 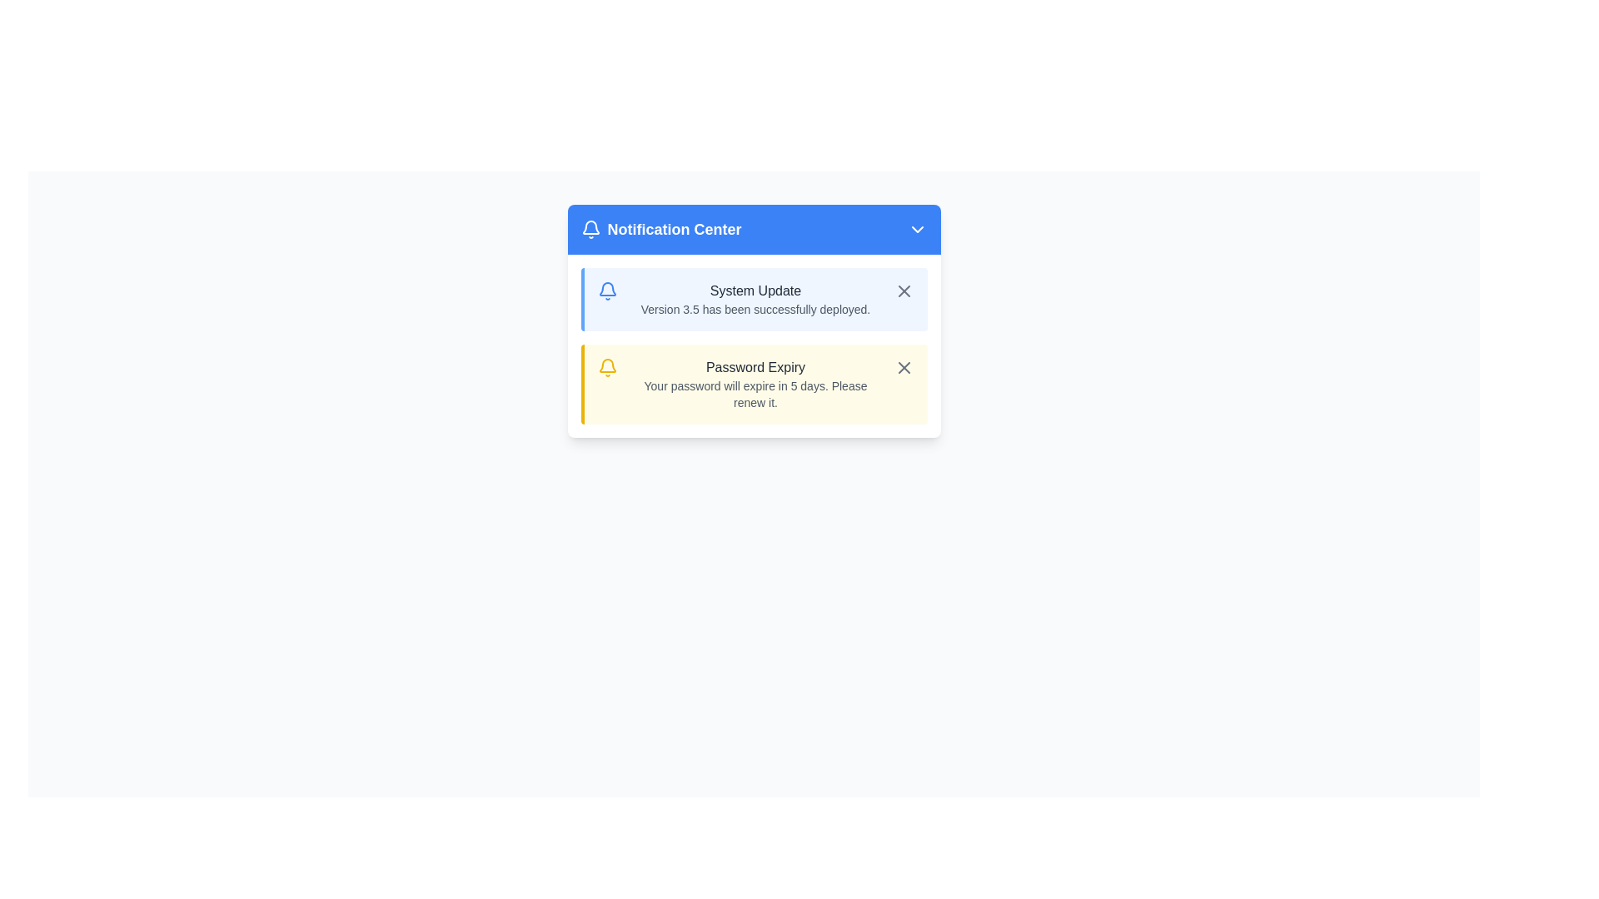 What do you see at coordinates (606, 365) in the screenshot?
I see `the yellow bell-shaped icon located near the top-left corner of the 'Notification Center' blue panel` at bounding box center [606, 365].